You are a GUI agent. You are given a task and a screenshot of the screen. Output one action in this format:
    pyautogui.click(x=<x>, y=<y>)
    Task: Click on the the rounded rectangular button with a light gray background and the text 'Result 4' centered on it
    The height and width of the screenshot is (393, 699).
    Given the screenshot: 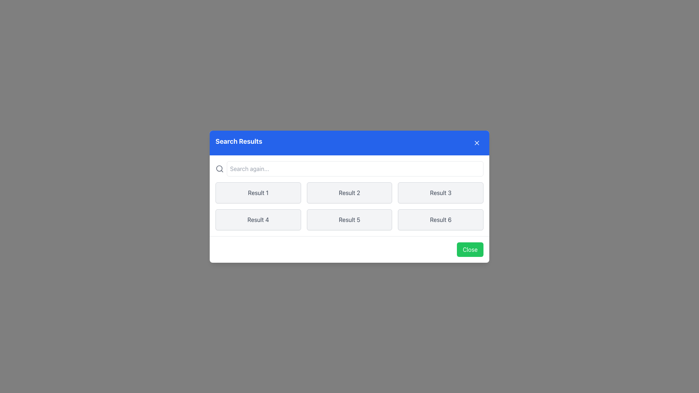 What is the action you would take?
    pyautogui.click(x=258, y=219)
    